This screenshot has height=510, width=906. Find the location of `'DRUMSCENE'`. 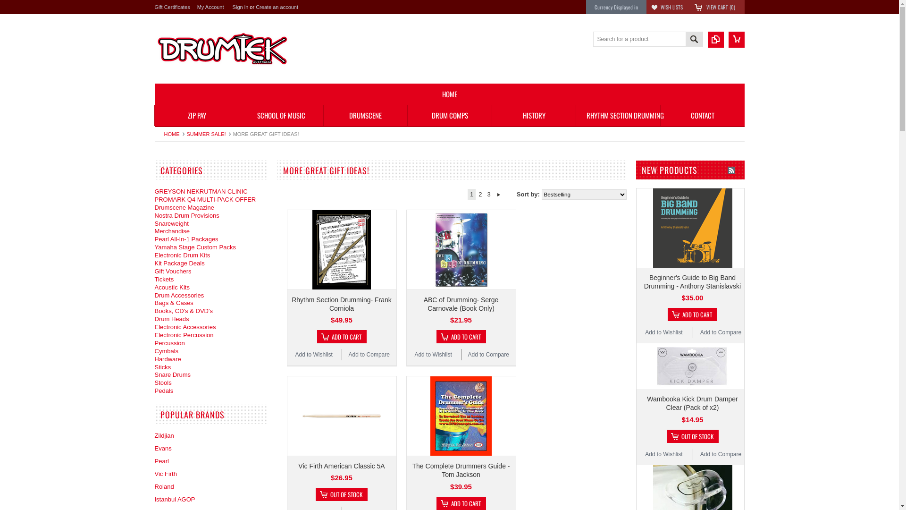

'DRUMSCENE' is located at coordinates (323, 115).